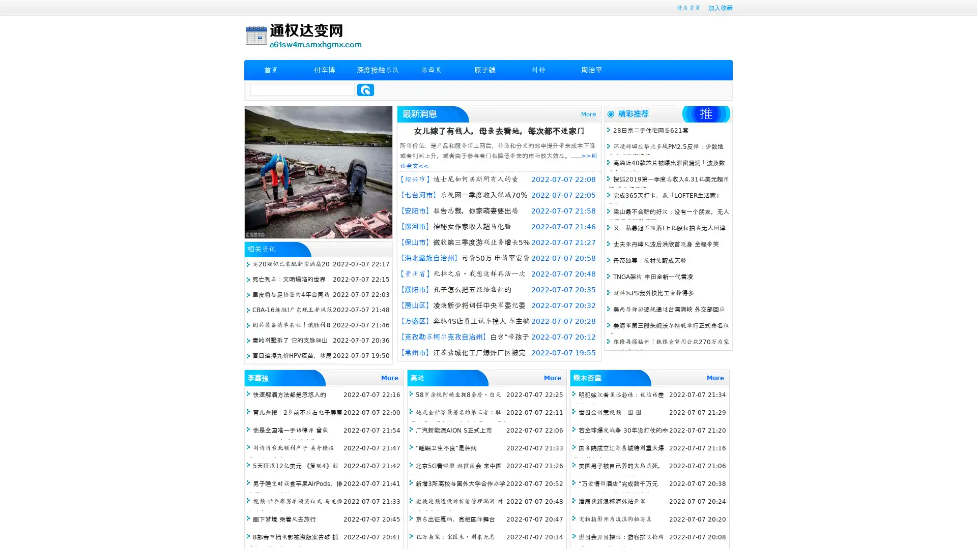 The image size is (977, 549). Describe the element at coordinates (365, 89) in the screenshot. I see `Search` at that location.